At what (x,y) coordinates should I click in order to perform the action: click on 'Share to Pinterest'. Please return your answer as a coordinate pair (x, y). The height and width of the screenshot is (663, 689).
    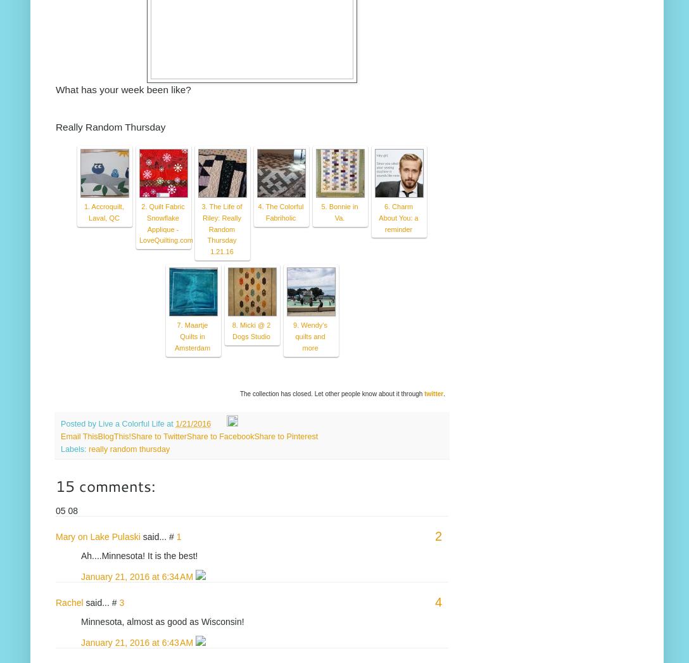
    Looking at the image, I should click on (254, 435).